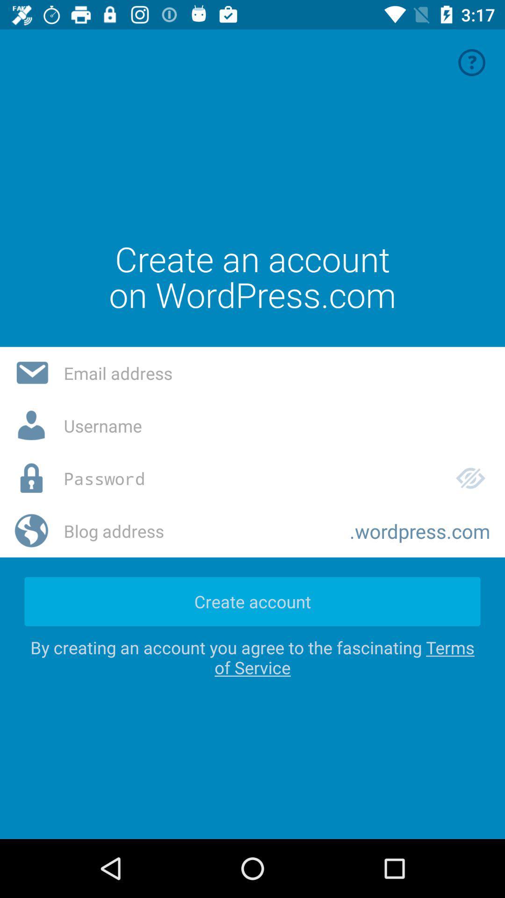 This screenshot has height=898, width=505. I want to click on the icon above the .wordpress.com, so click(470, 478).